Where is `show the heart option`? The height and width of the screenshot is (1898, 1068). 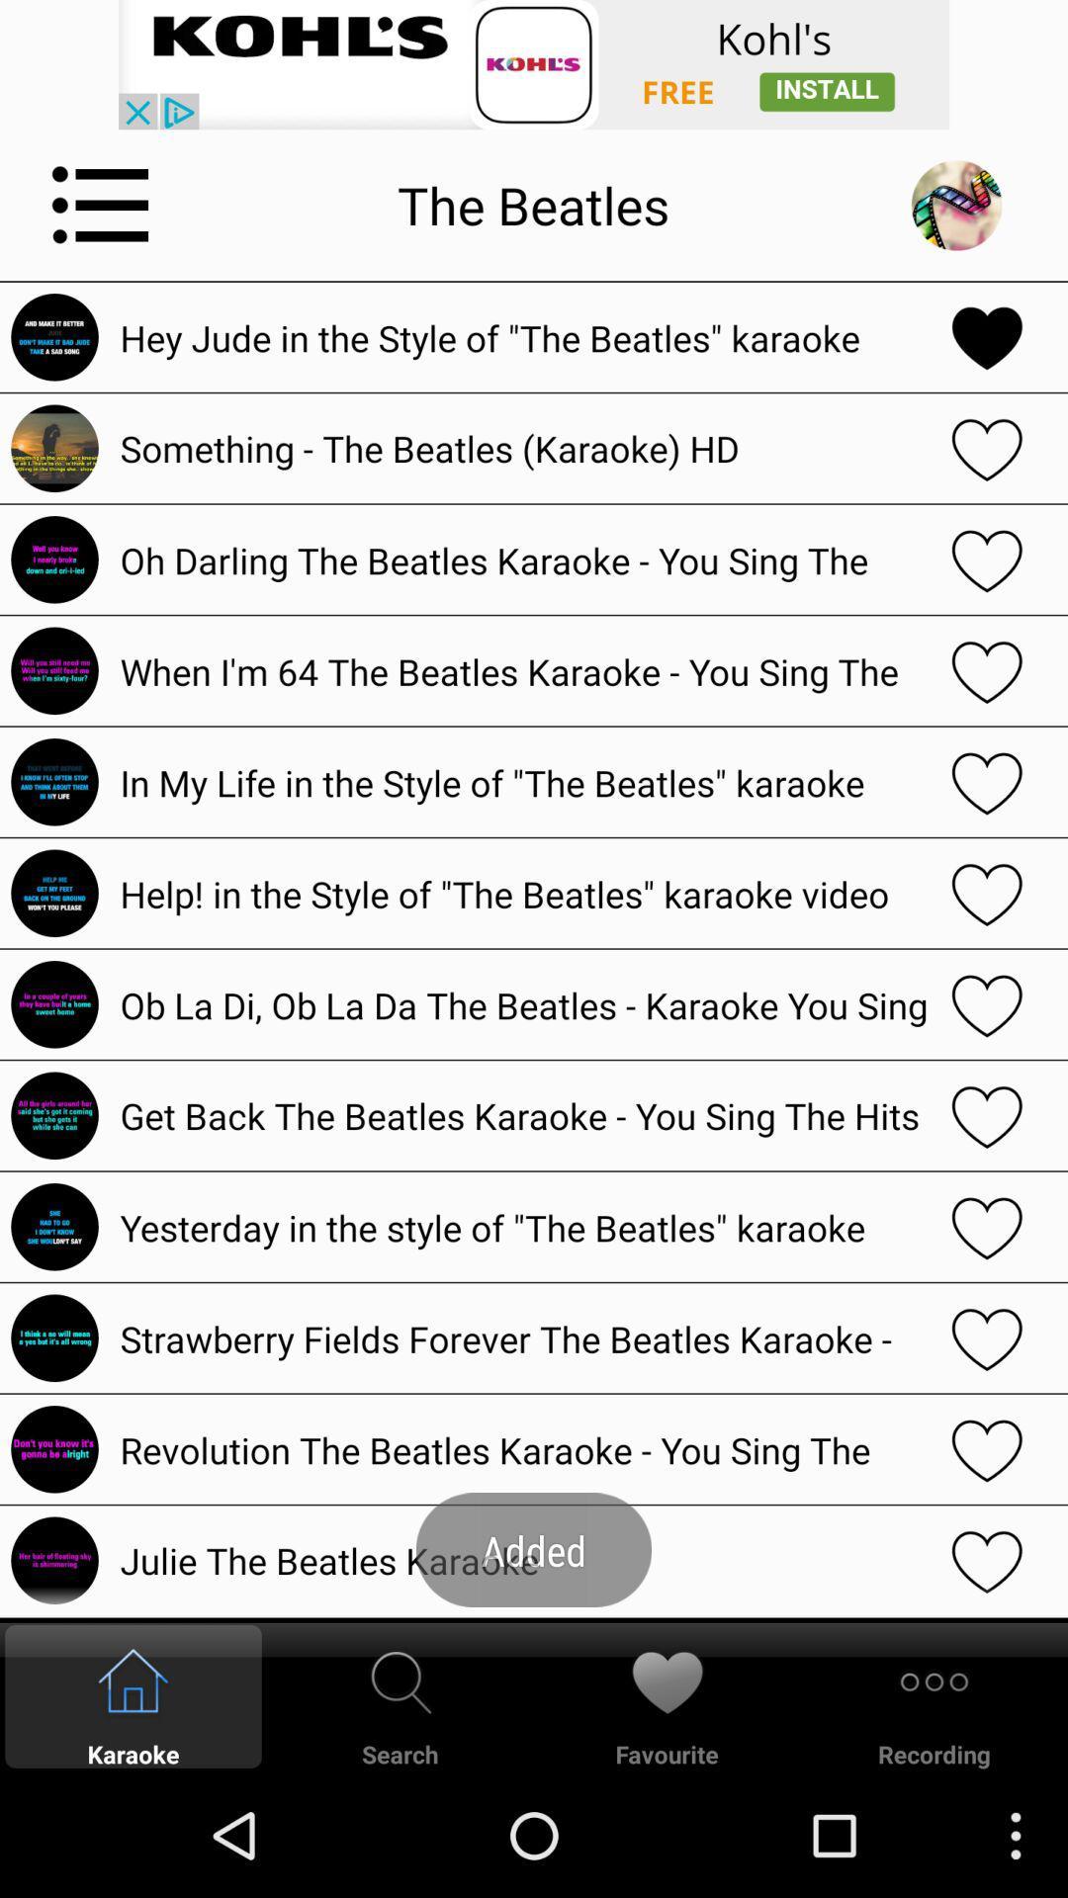 show the heart option is located at coordinates (987, 1337).